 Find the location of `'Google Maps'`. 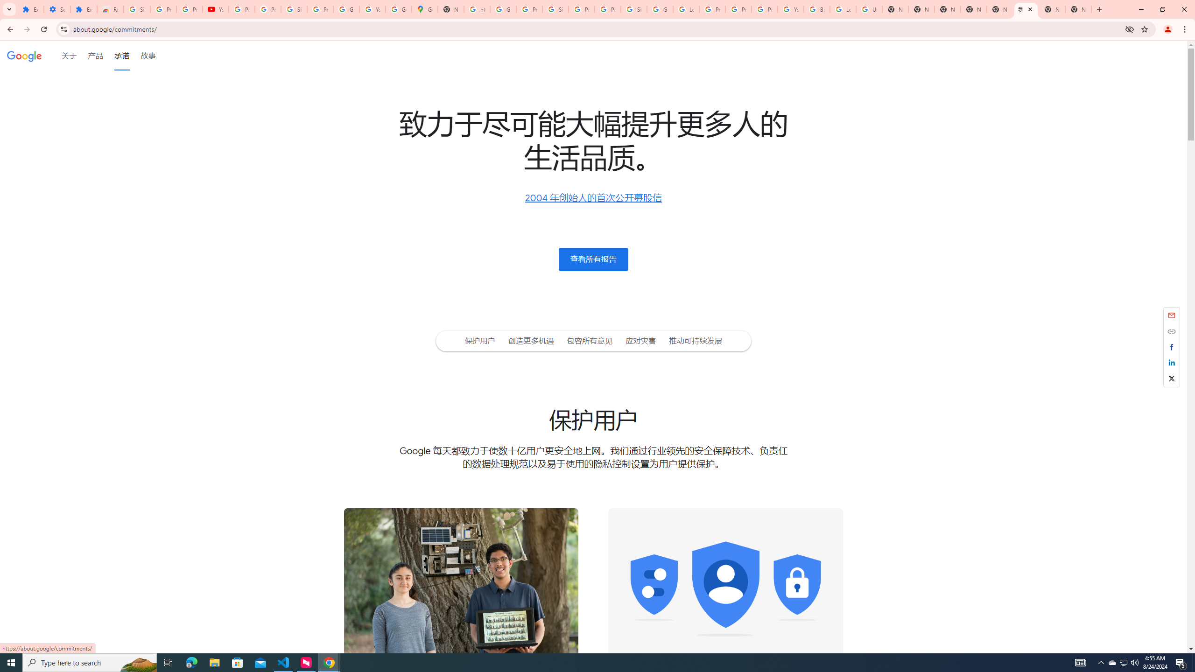

'Google Maps' is located at coordinates (424, 9).